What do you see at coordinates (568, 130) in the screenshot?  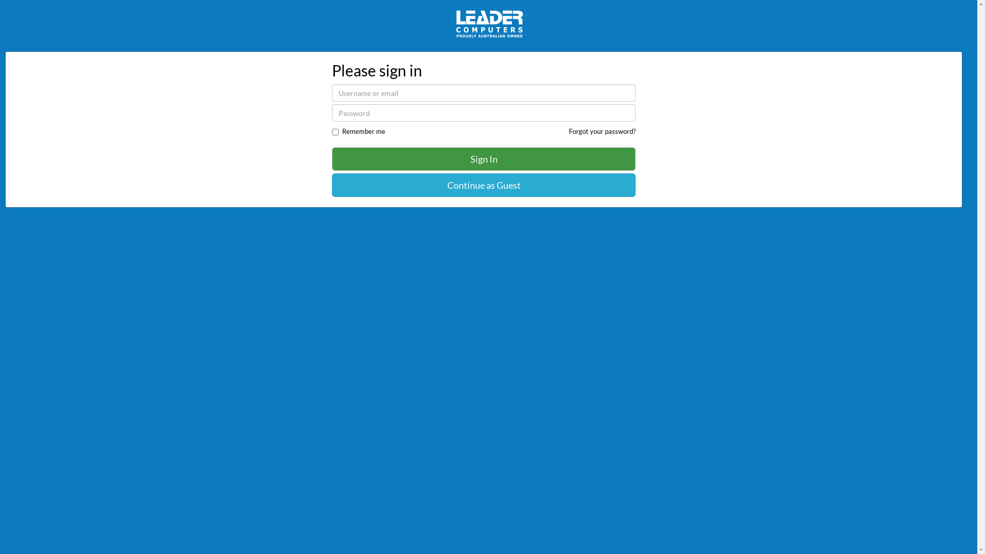 I see `'Forgot your password?'` at bounding box center [568, 130].